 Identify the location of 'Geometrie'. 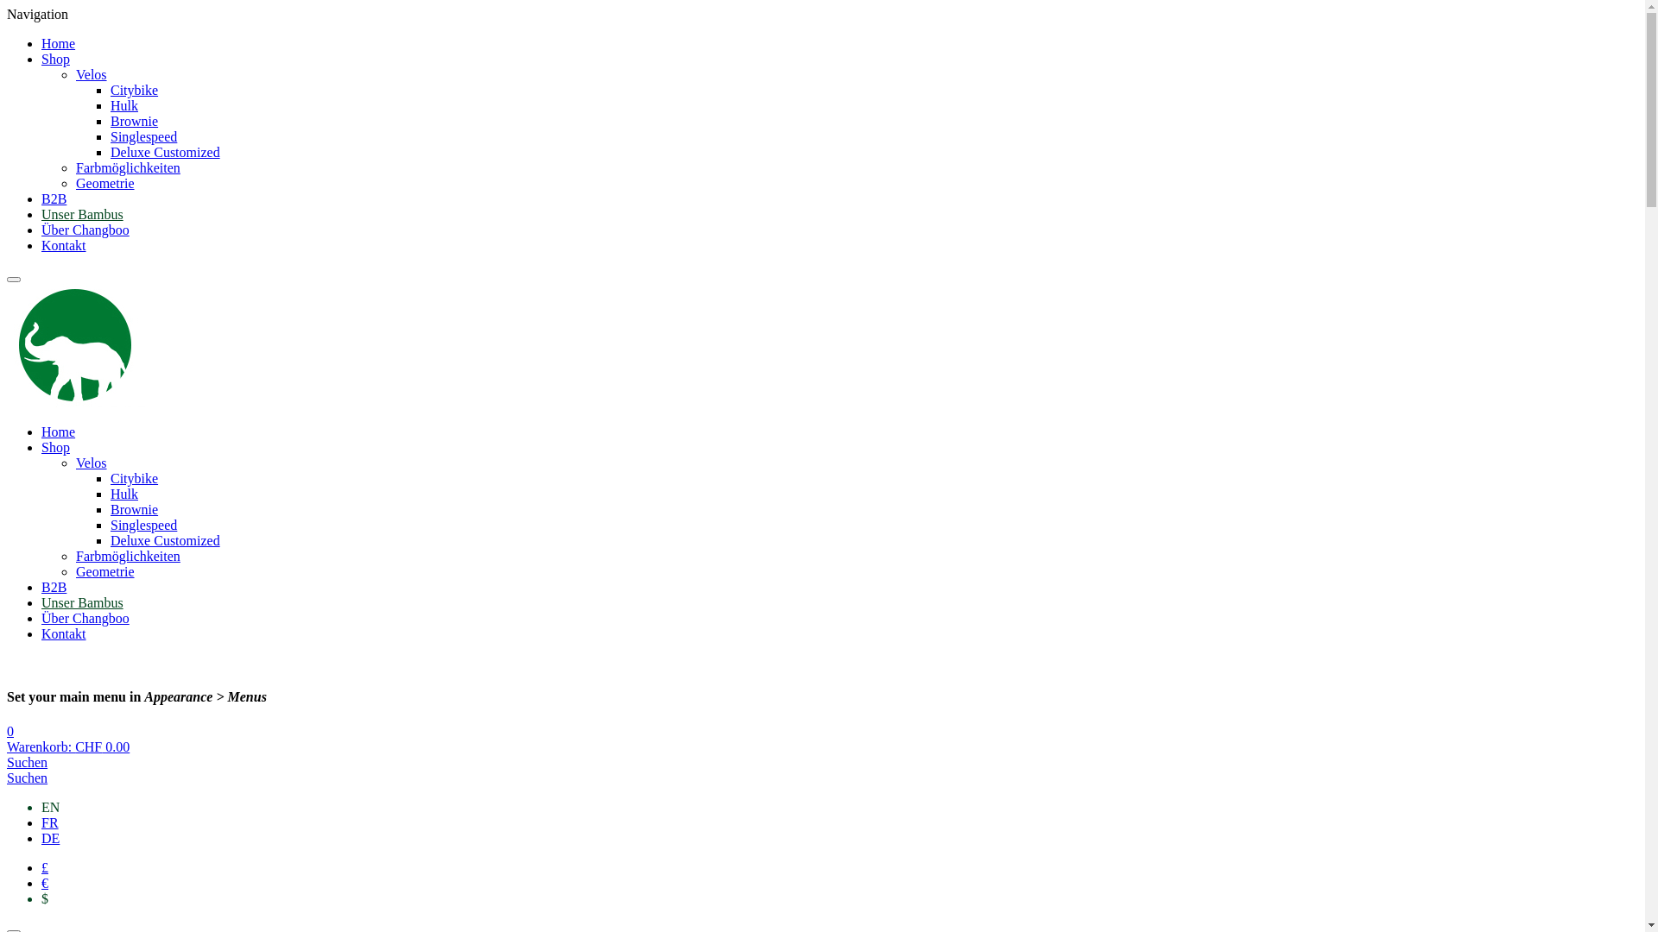
(104, 183).